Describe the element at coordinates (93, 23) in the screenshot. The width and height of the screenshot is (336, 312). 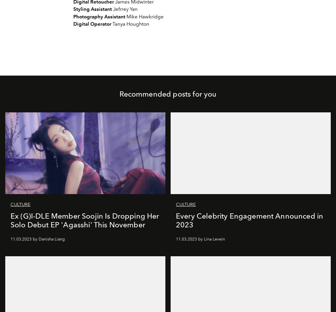
I see `'Digital Operator'` at that location.